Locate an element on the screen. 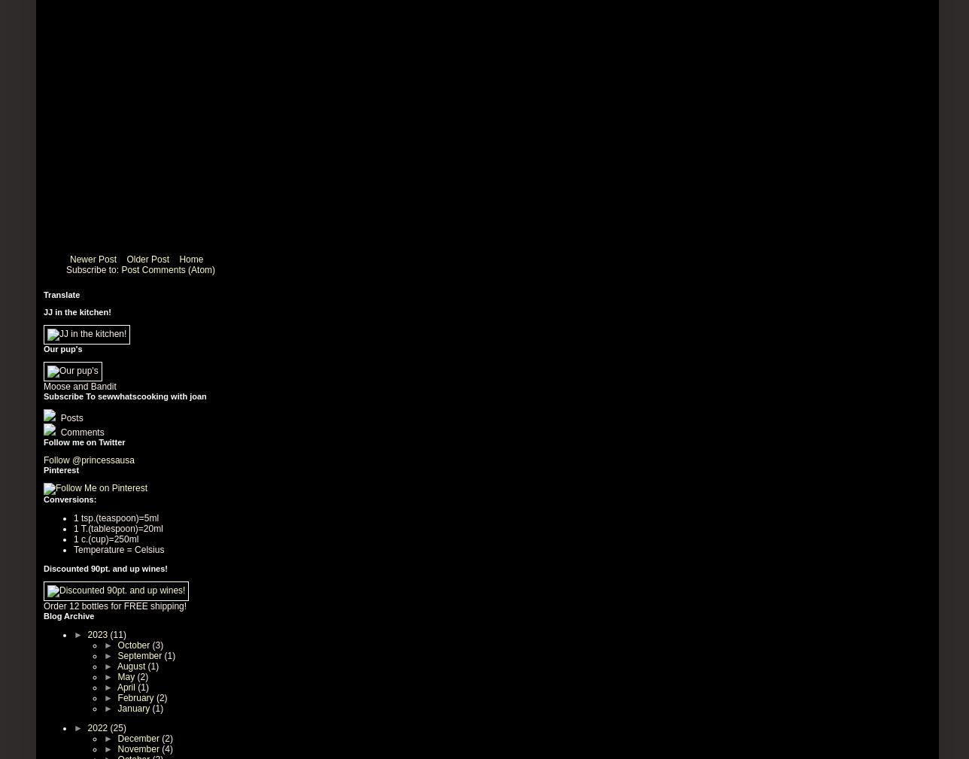  '(4)' is located at coordinates (161, 748).